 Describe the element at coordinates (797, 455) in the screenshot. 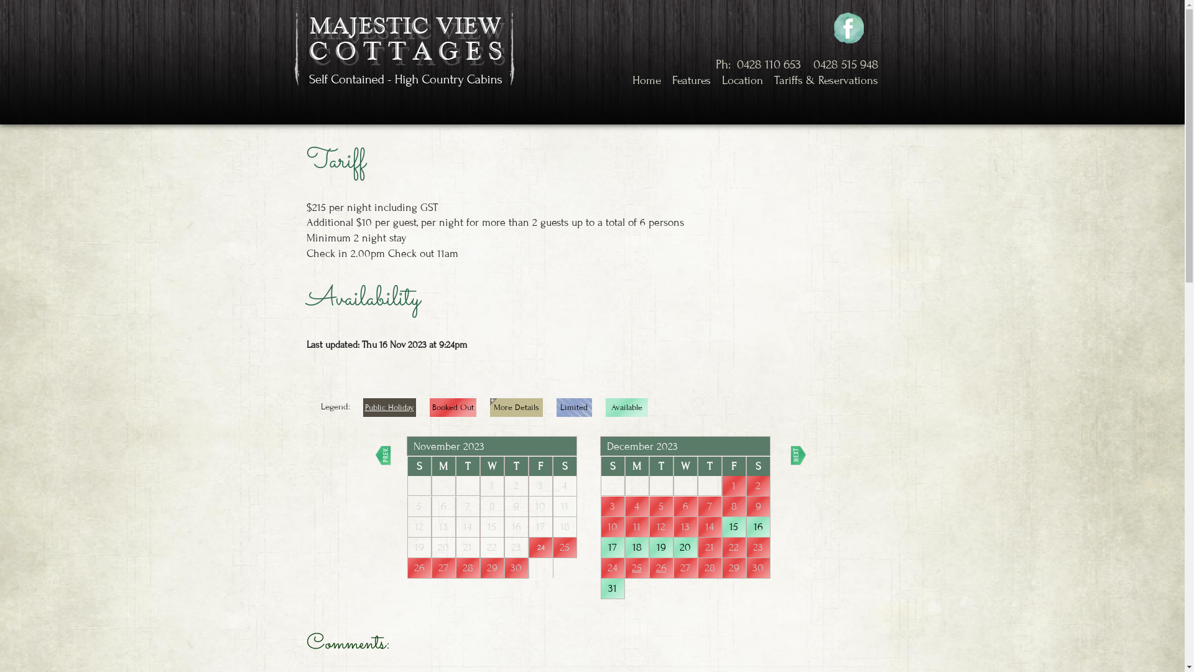

I see `'Next'` at that location.